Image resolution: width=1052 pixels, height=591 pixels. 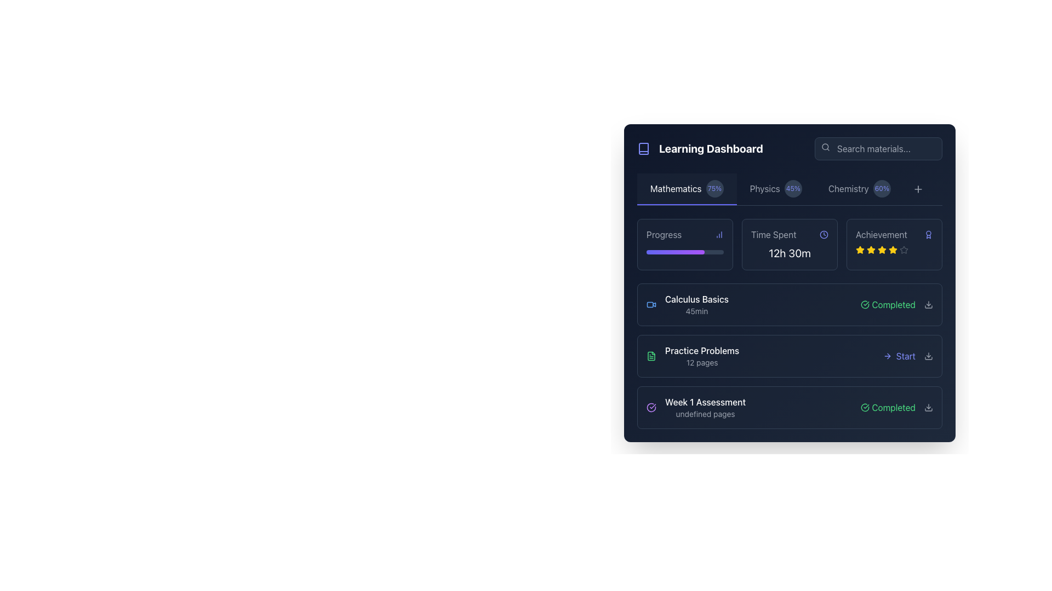 I want to click on the Text label that indicates associated data or a metric related to time spent, which is positioned to the left of a clock icon in the top section of a grouped layout, so click(x=773, y=234).